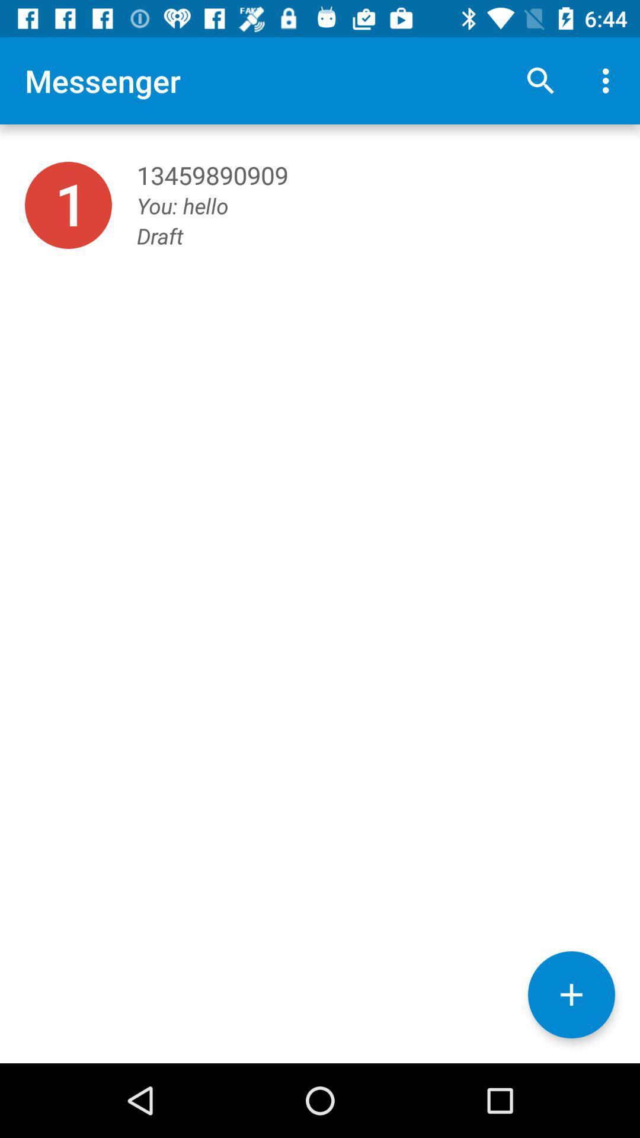  I want to click on app to the right of the messenger, so click(540, 80).